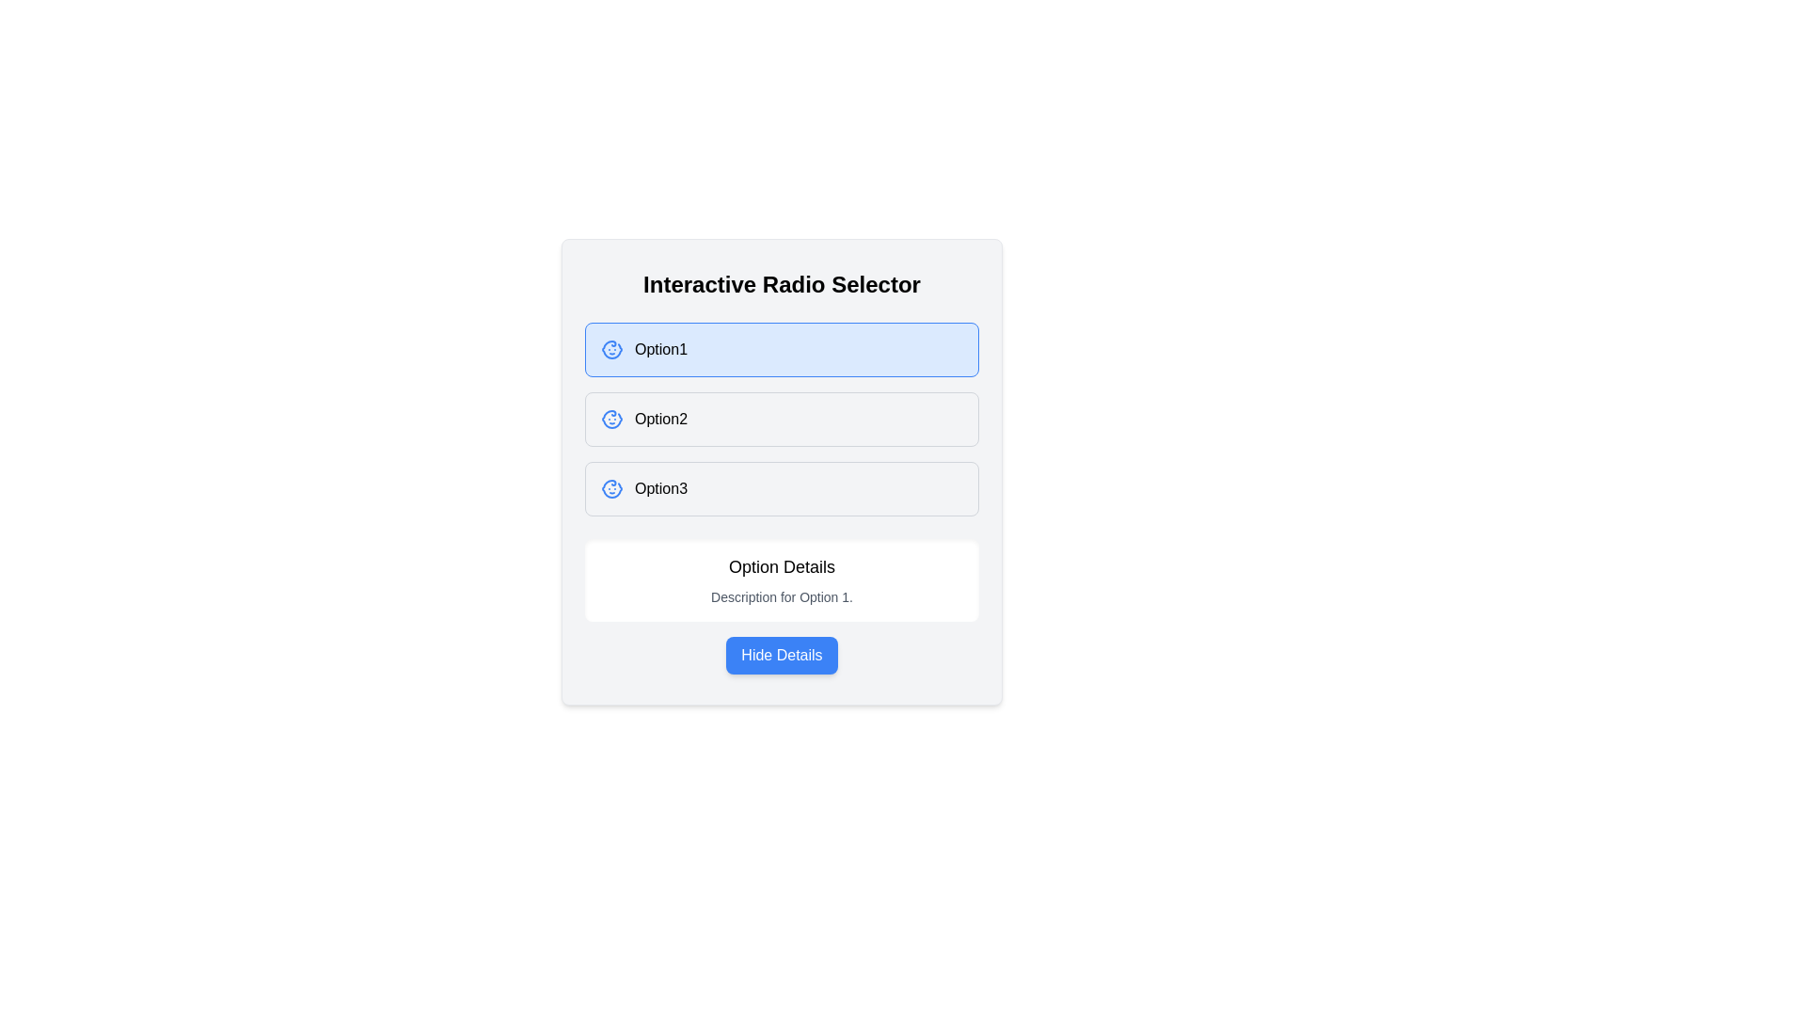  What do you see at coordinates (782, 419) in the screenshot?
I see `the radio group element which allows users to select one option among 'Option1', 'Option2', and 'Option3'` at bounding box center [782, 419].